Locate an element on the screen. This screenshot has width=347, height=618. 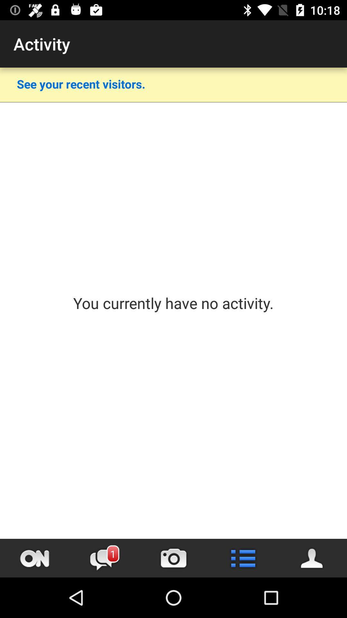
the item below the activity item is located at coordinates (81, 83).